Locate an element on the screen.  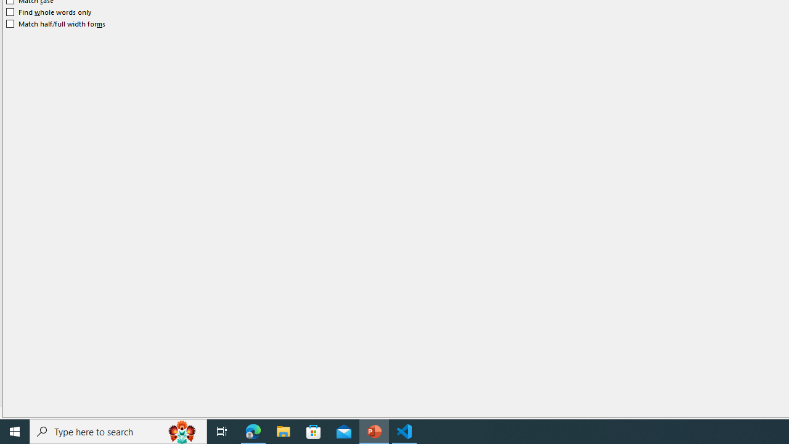
'Find whole words only' is located at coordinates (49, 12).